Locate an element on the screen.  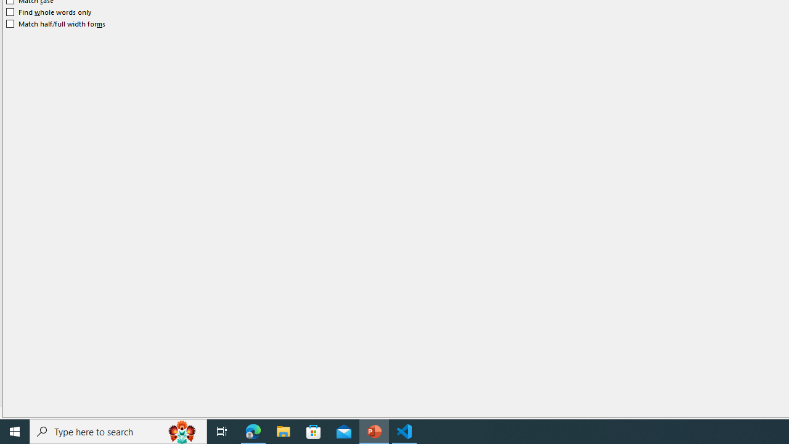
'Find whole words only' is located at coordinates (49, 12).